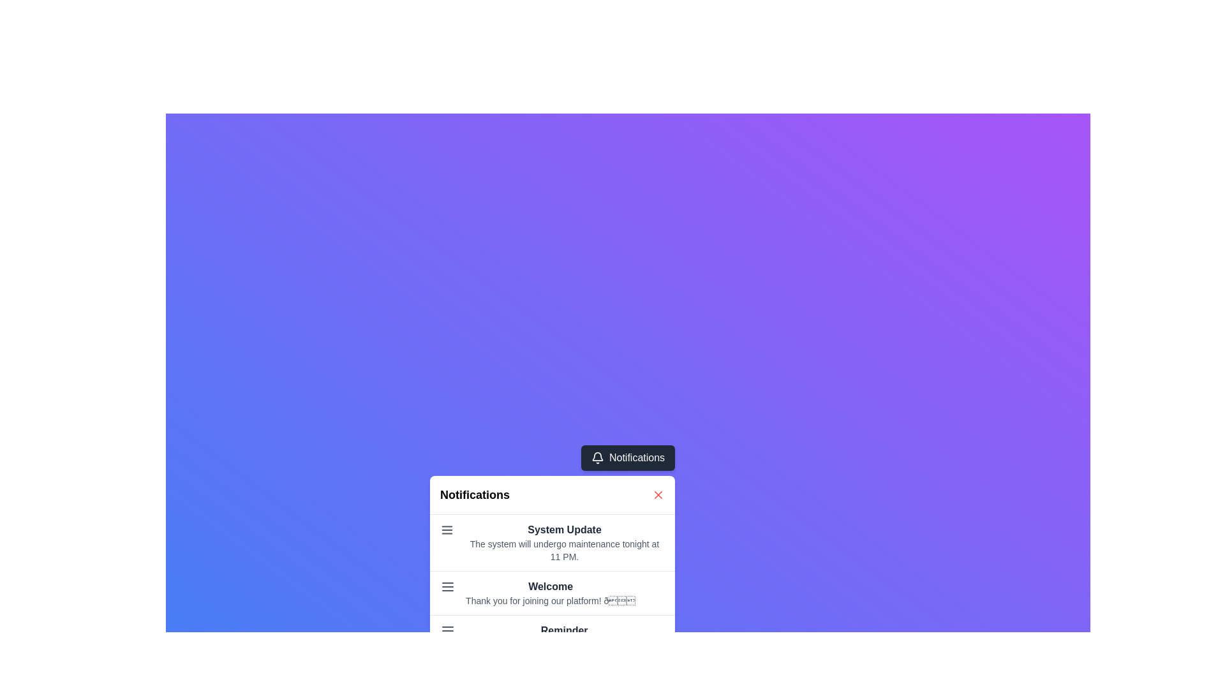  I want to click on the bell icon located at the top-left corner of the notifications button, so click(597, 457).